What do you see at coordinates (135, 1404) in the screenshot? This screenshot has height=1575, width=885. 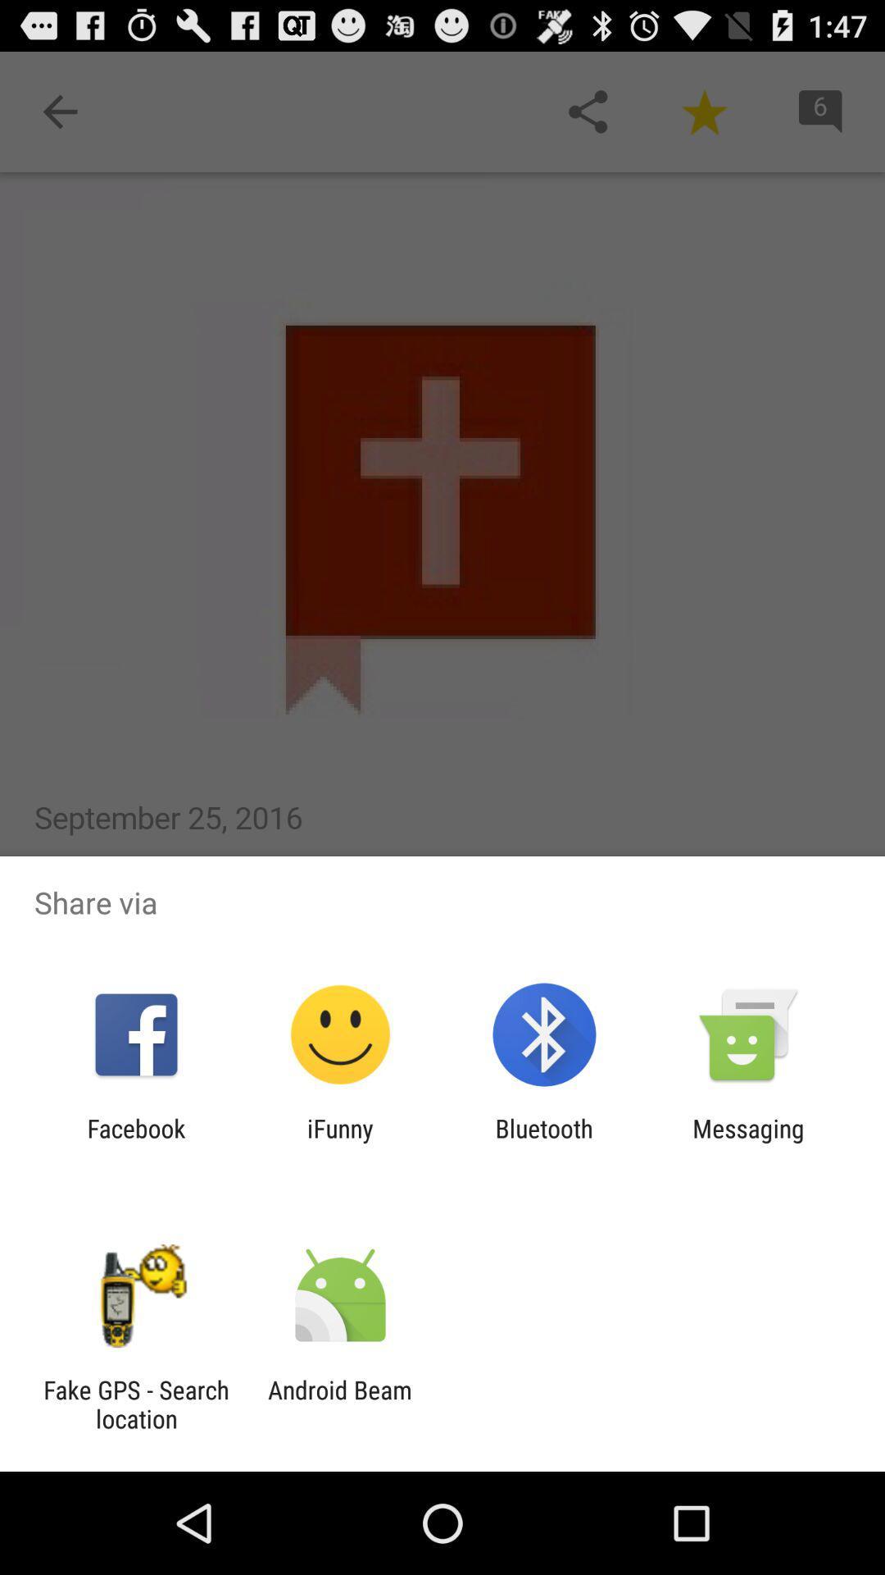 I see `the app to the left of android beam item` at bounding box center [135, 1404].